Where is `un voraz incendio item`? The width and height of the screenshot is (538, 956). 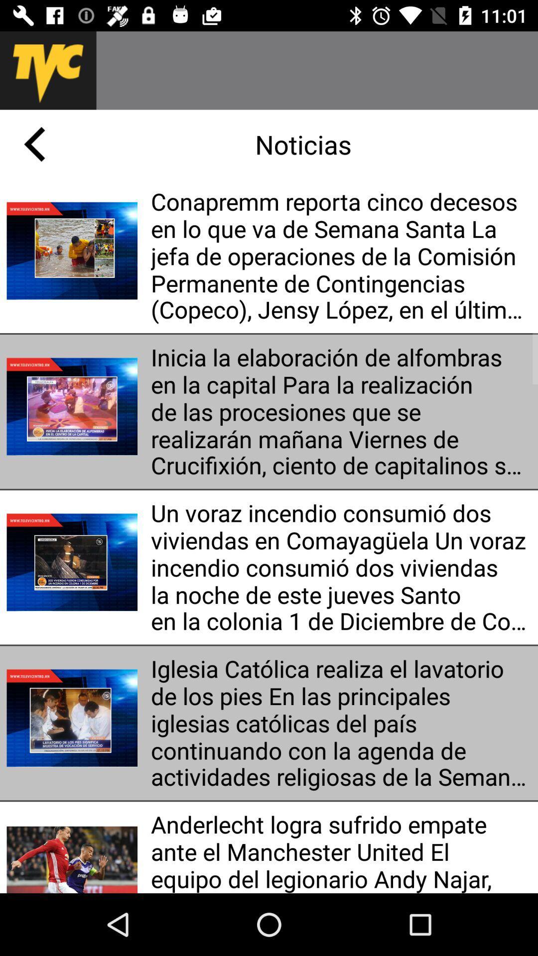 un voraz incendio item is located at coordinates (340, 567).